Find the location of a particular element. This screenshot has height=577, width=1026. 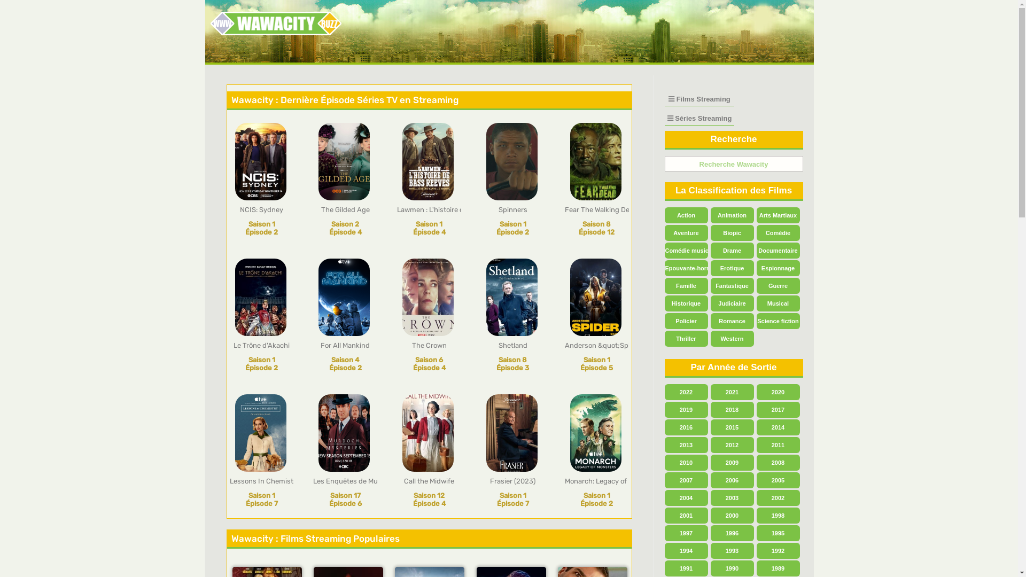

'Musical' is located at coordinates (778, 303).